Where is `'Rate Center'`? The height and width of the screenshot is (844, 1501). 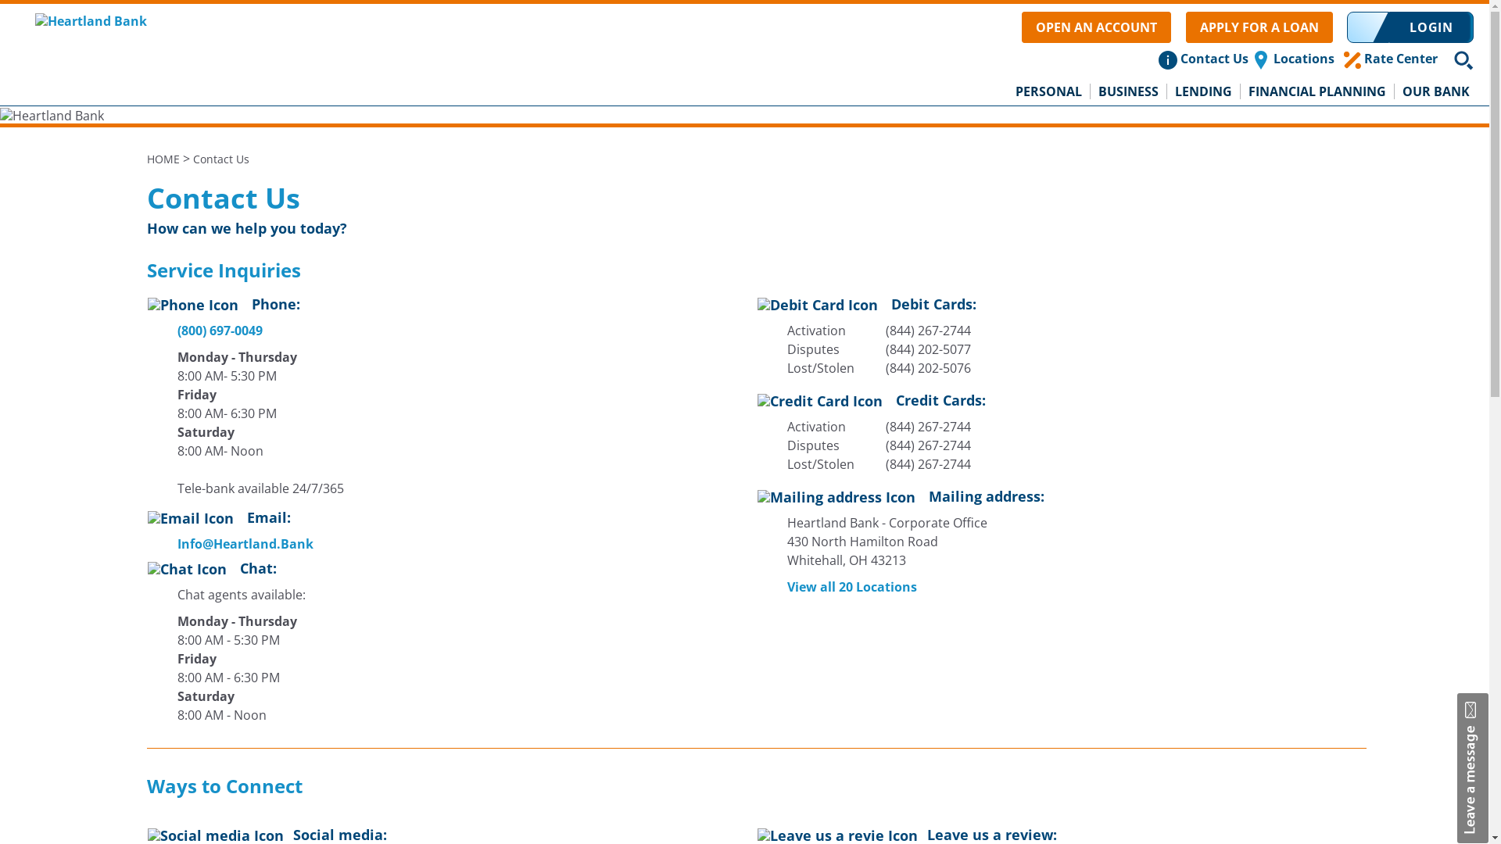
'Rate Center' is located at coordinates (1400, 57).